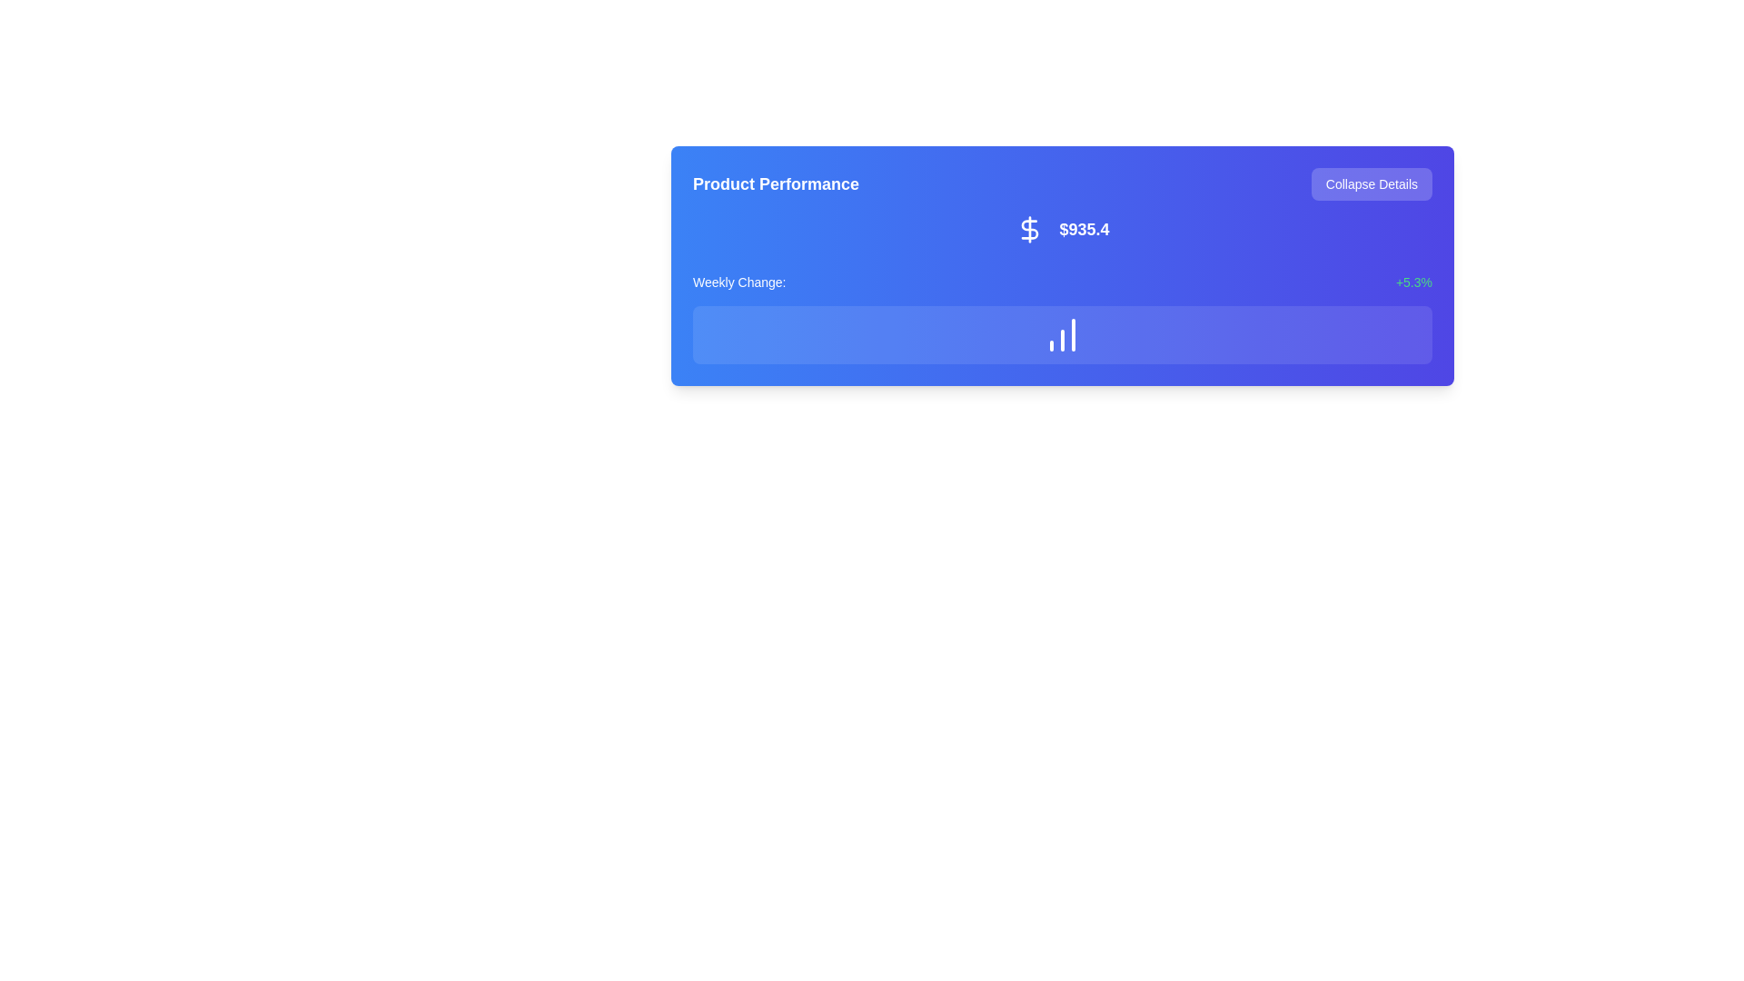 The width and height of the screenshot is (1744, 981). What do you see at coordinates (1063, 282) in the screenshot?
I see `the data display component that shows 'Weekly Change:' and '+5.3%' on a colored background bar, positioned below '$935.4'` at bounding box center [1063, 282].